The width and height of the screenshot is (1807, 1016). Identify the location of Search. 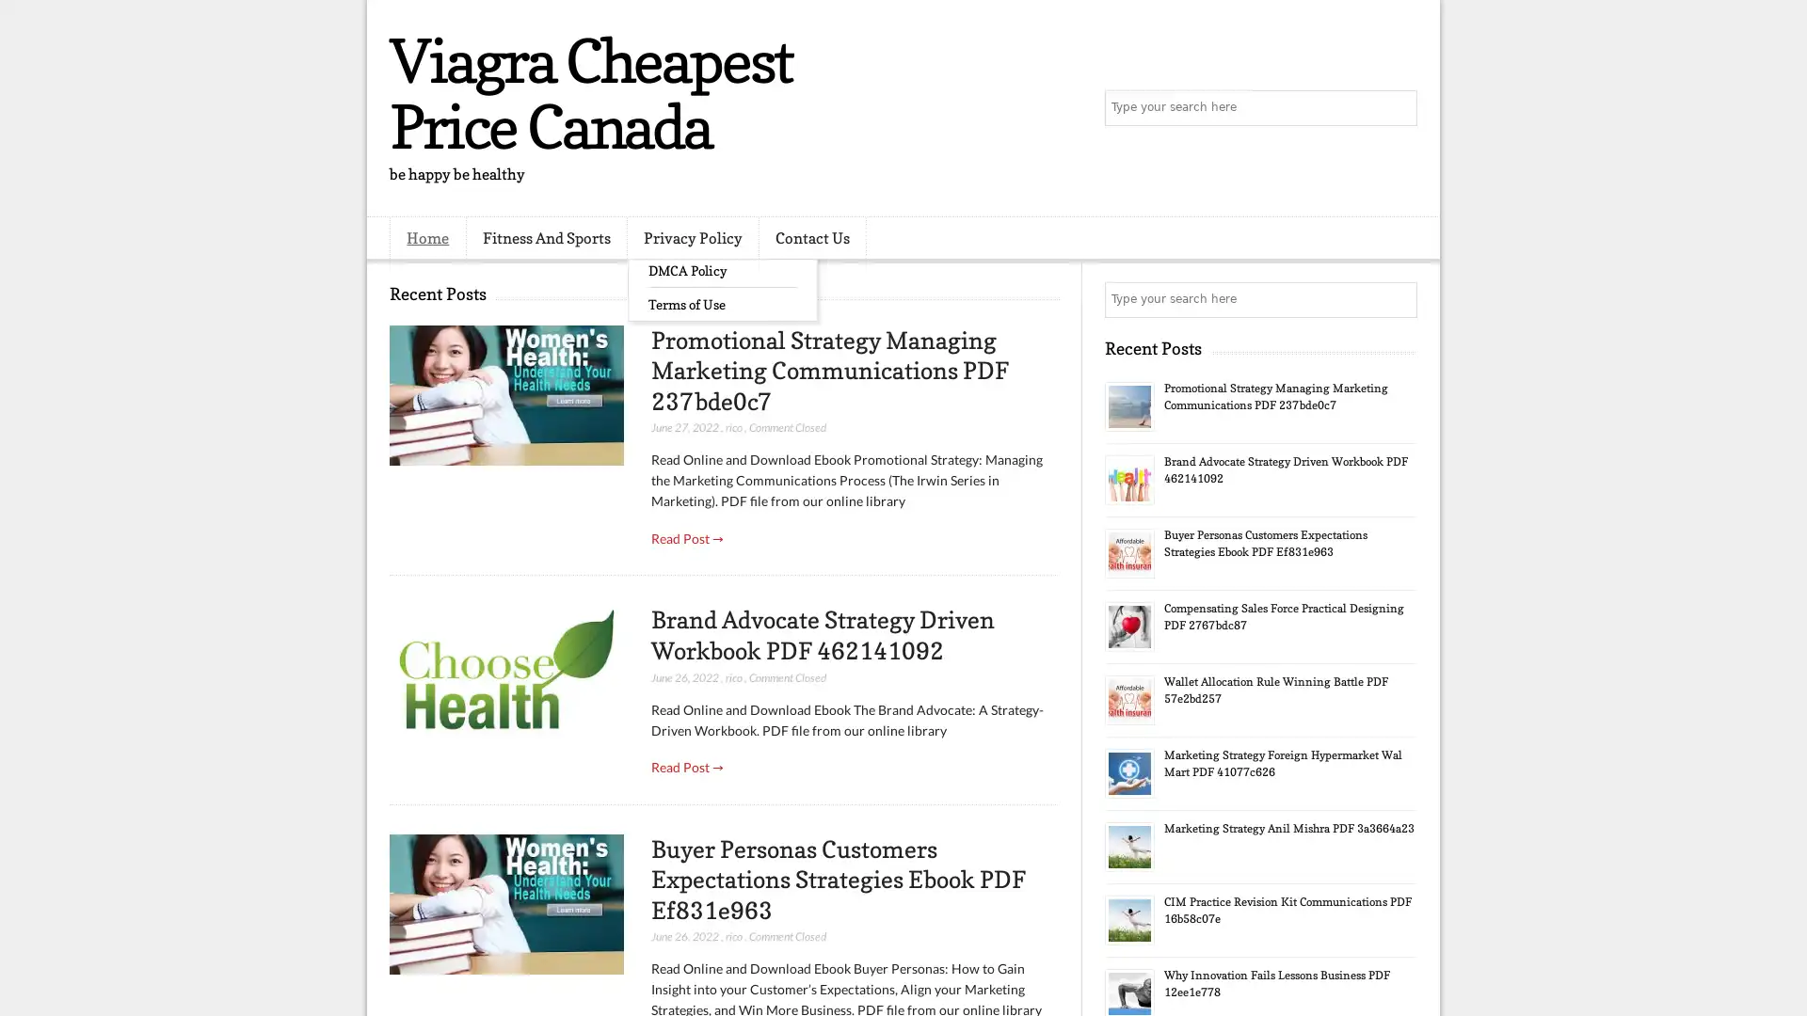
(1398, 108).